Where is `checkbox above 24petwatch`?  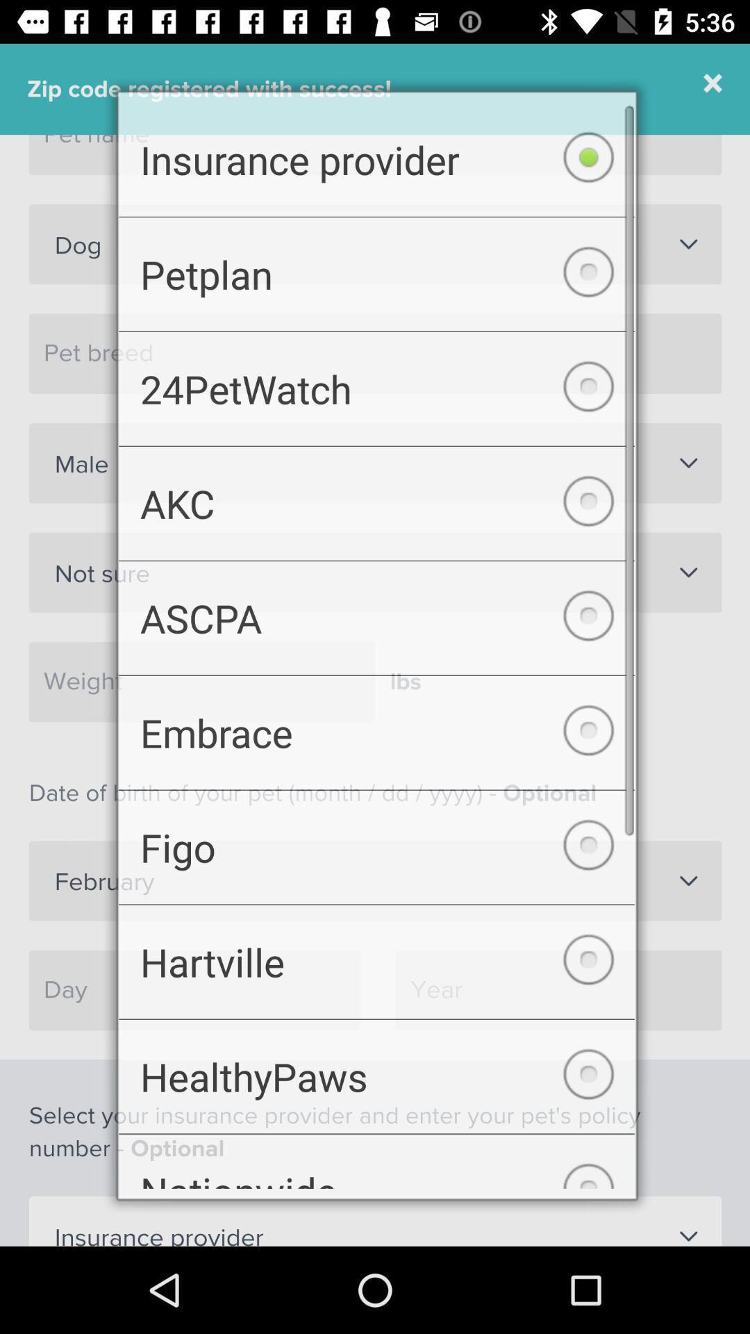
checkbox above 24petwatch is located at coordinates (376, 264).